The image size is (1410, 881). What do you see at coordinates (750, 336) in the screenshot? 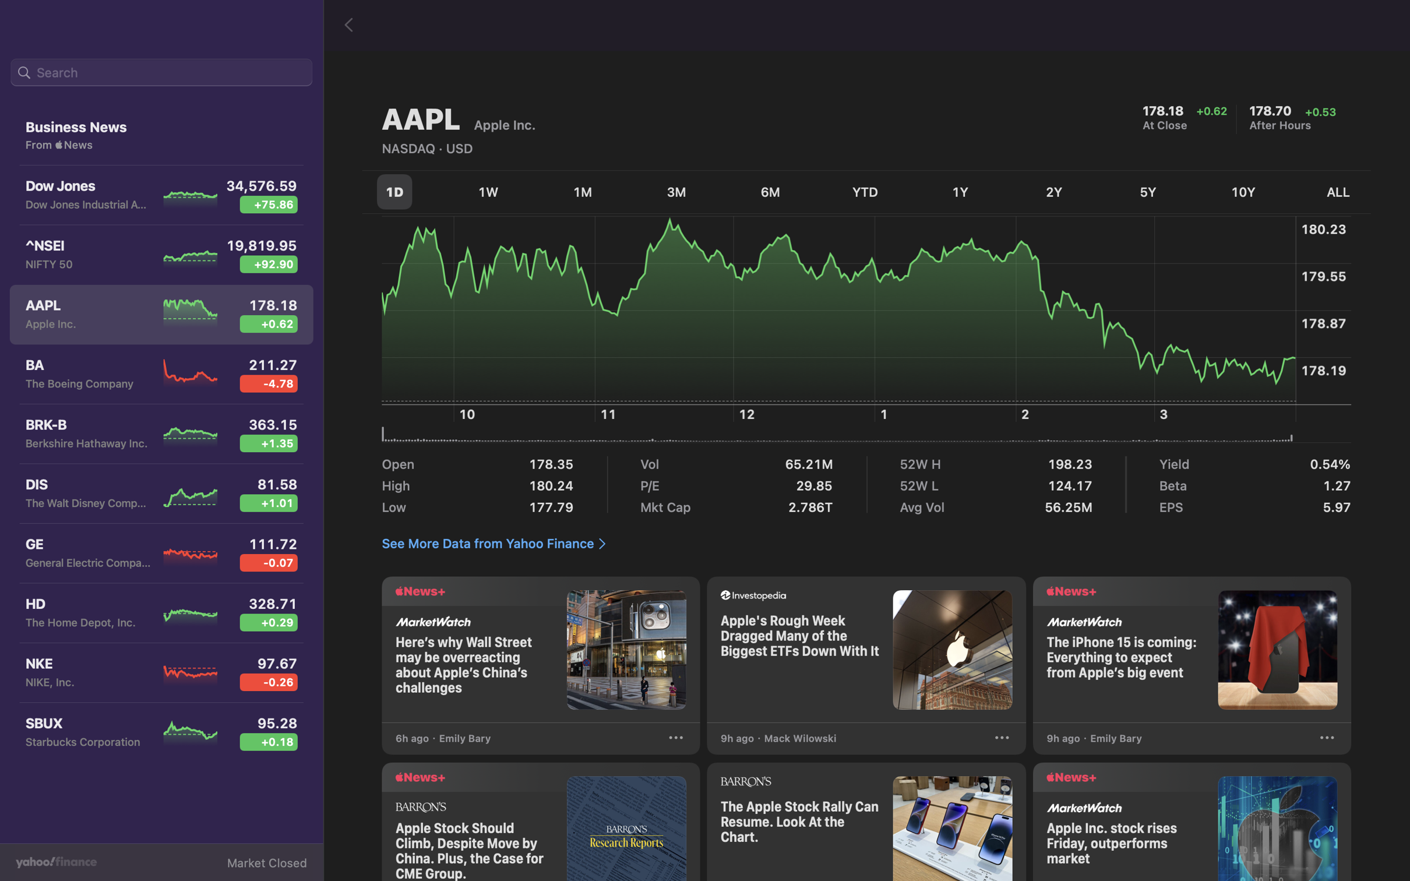
I see `See the stock variation at midday` at bounding box center [750, 336].